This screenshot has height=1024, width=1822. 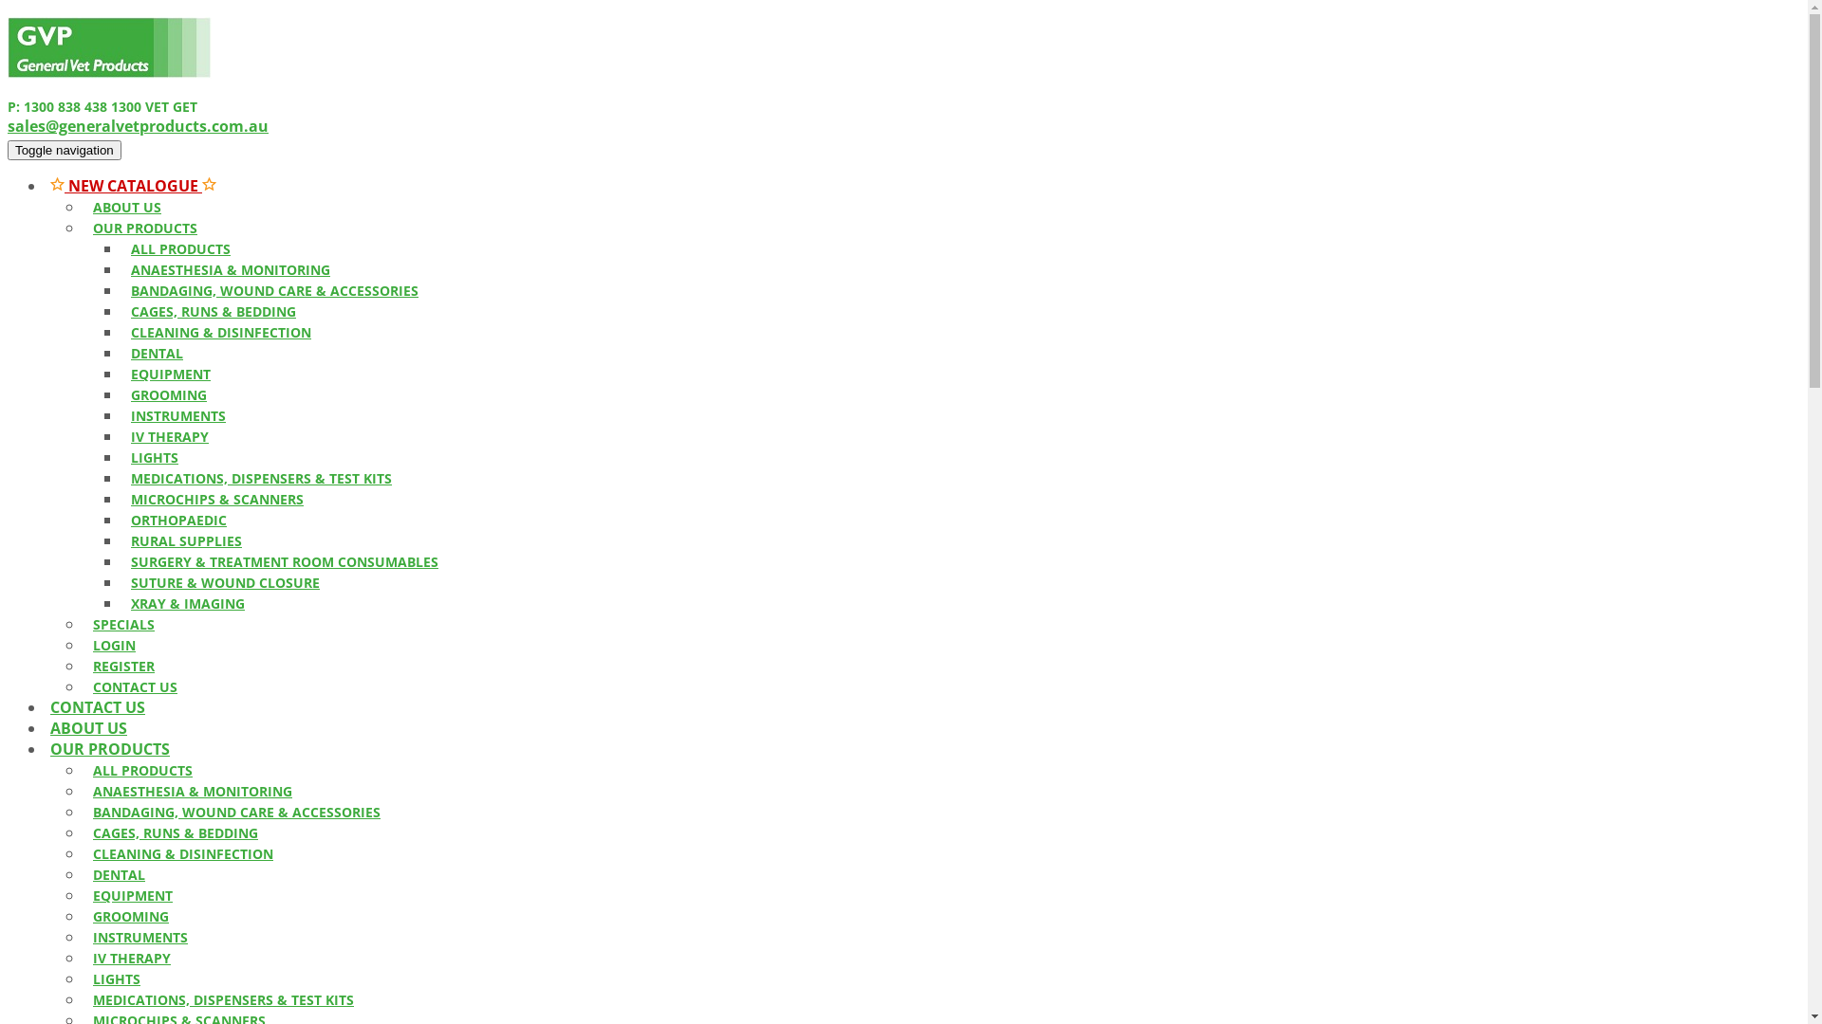 I want to click on 'CLEANING & DISINFECTION', so click(x=182, y=853).